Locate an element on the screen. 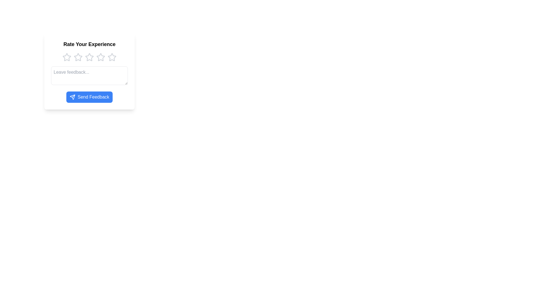  on the first clickable star icon, which is located beneath the 'Rate Your Experience' header is located at coordinates (67, 57).